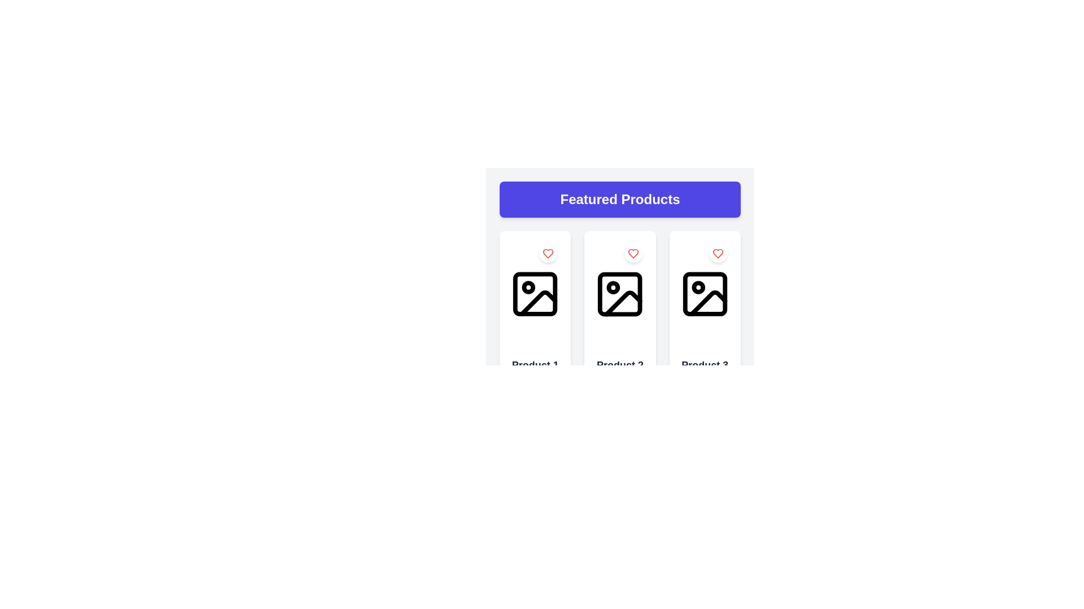 The width and height of the screenshot is (1084, 609). Describe the element at coordinates (633, 254) in the screenshot. I see `the circular button with a white background and a red heart icon located at the top-right corner of the second product card` at that location.